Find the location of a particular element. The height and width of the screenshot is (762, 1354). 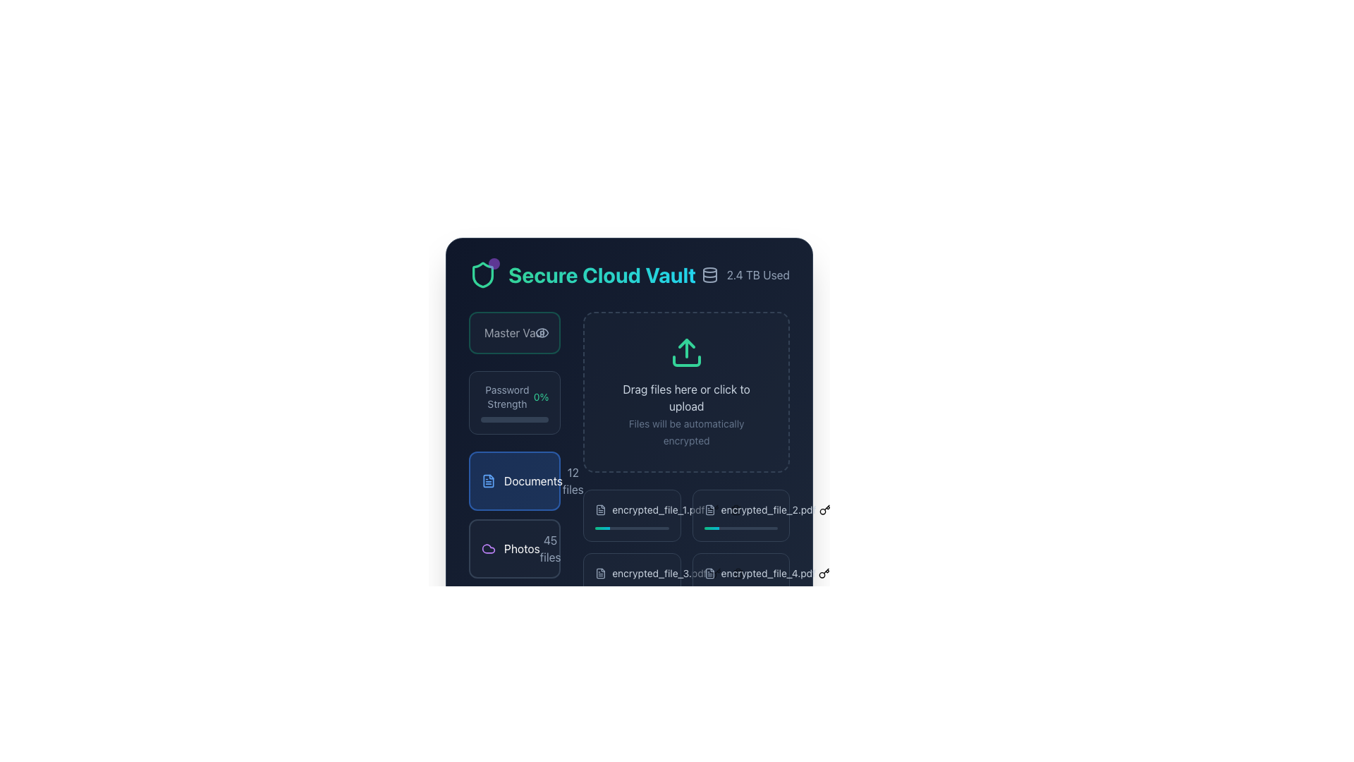

the text label 'encrypted_file_2.pdf' which is the second item in the file entries list, located in the top-right corner of the 'Documents' group is located at coordinates (740, 509).